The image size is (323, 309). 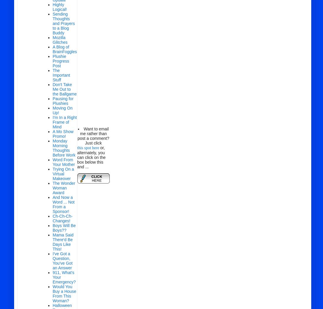 What do you see at coordinates (62, 110) in the screenshot?
I see `'Moving On Up!'` at bounding box center [62, 110].